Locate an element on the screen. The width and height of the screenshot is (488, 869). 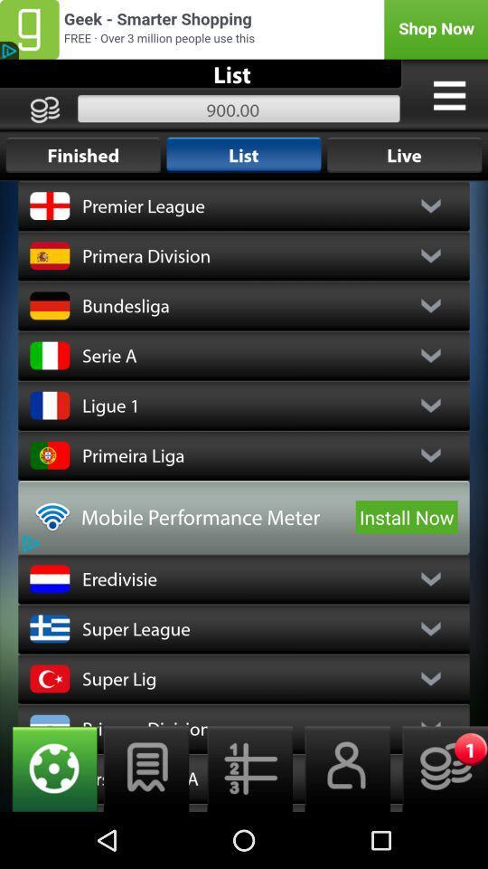
notification is located at coordinates (438, 768).